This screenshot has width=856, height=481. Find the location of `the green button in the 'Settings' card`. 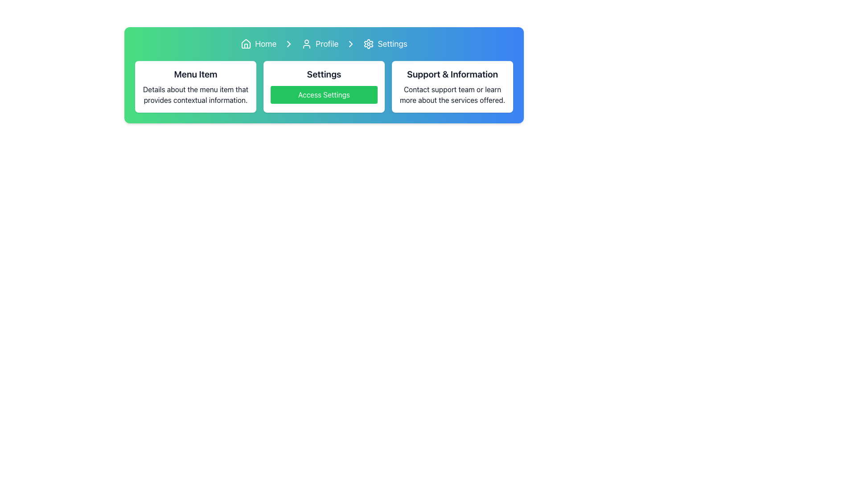

the green button in the 'Settings' card is located at coordinates (323, 87).